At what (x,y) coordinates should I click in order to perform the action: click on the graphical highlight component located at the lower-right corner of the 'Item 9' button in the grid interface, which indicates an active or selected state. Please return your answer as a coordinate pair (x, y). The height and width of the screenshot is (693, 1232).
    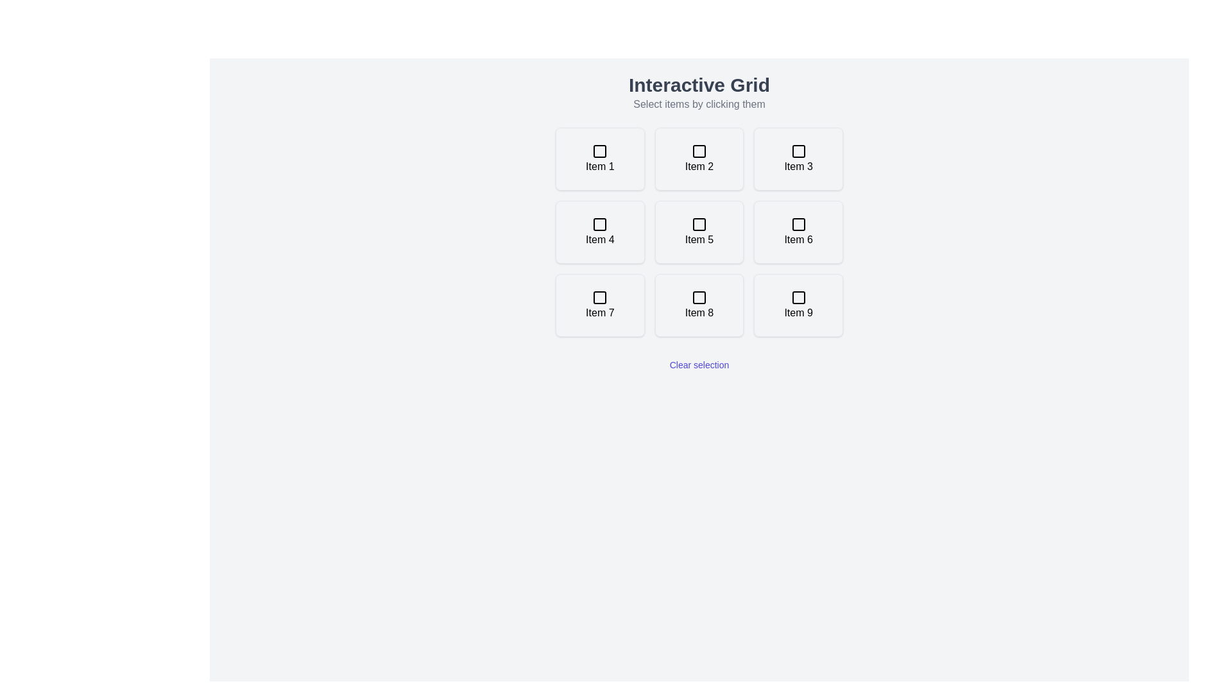
    Looking at the image, I should click on (798, 297).